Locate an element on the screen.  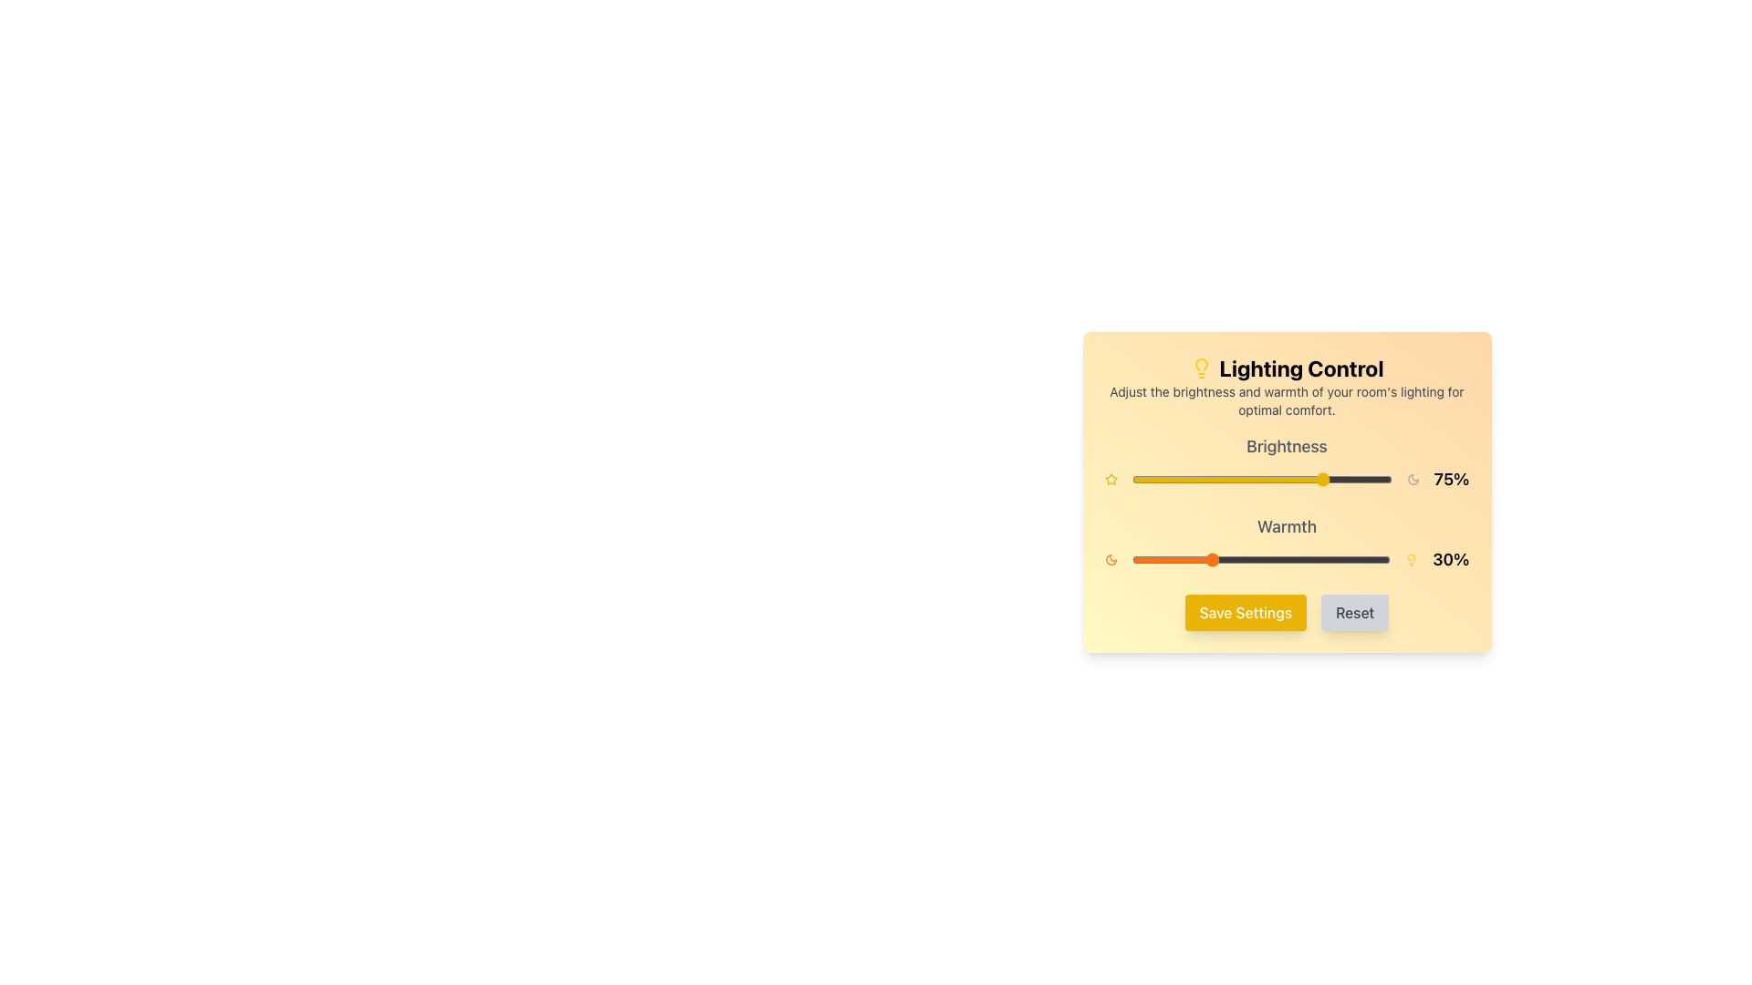
the warmth is located at coordinates (1260, 558).